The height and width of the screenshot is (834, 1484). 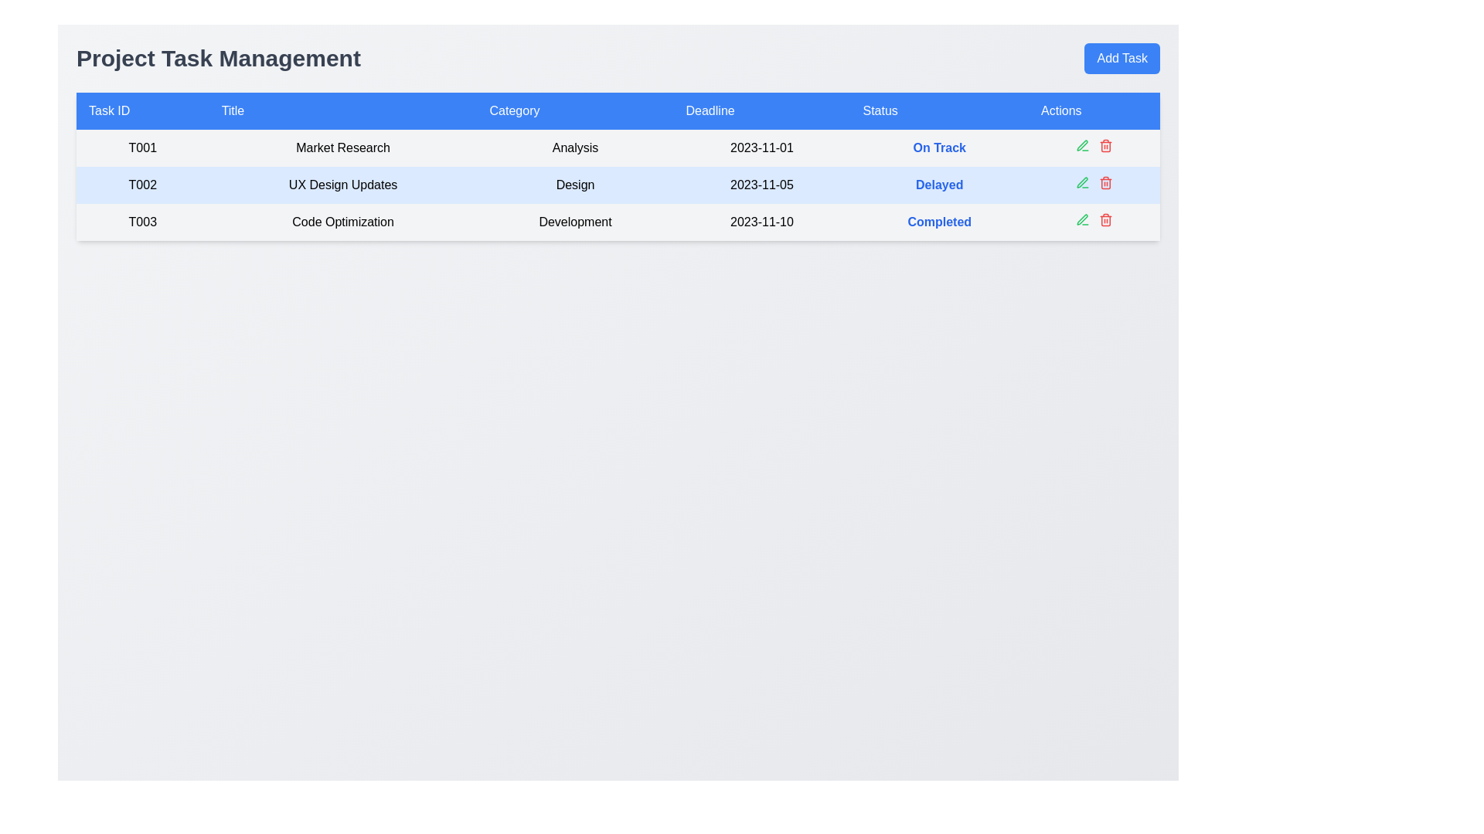 What do you see at coordinates (1104, 220) in the screenshot?
I see `the red trash icon button located in the rightmost section of the 'Actions' column for the task 'T003 - Code Optimization'` at bounding box center [1104, 220].